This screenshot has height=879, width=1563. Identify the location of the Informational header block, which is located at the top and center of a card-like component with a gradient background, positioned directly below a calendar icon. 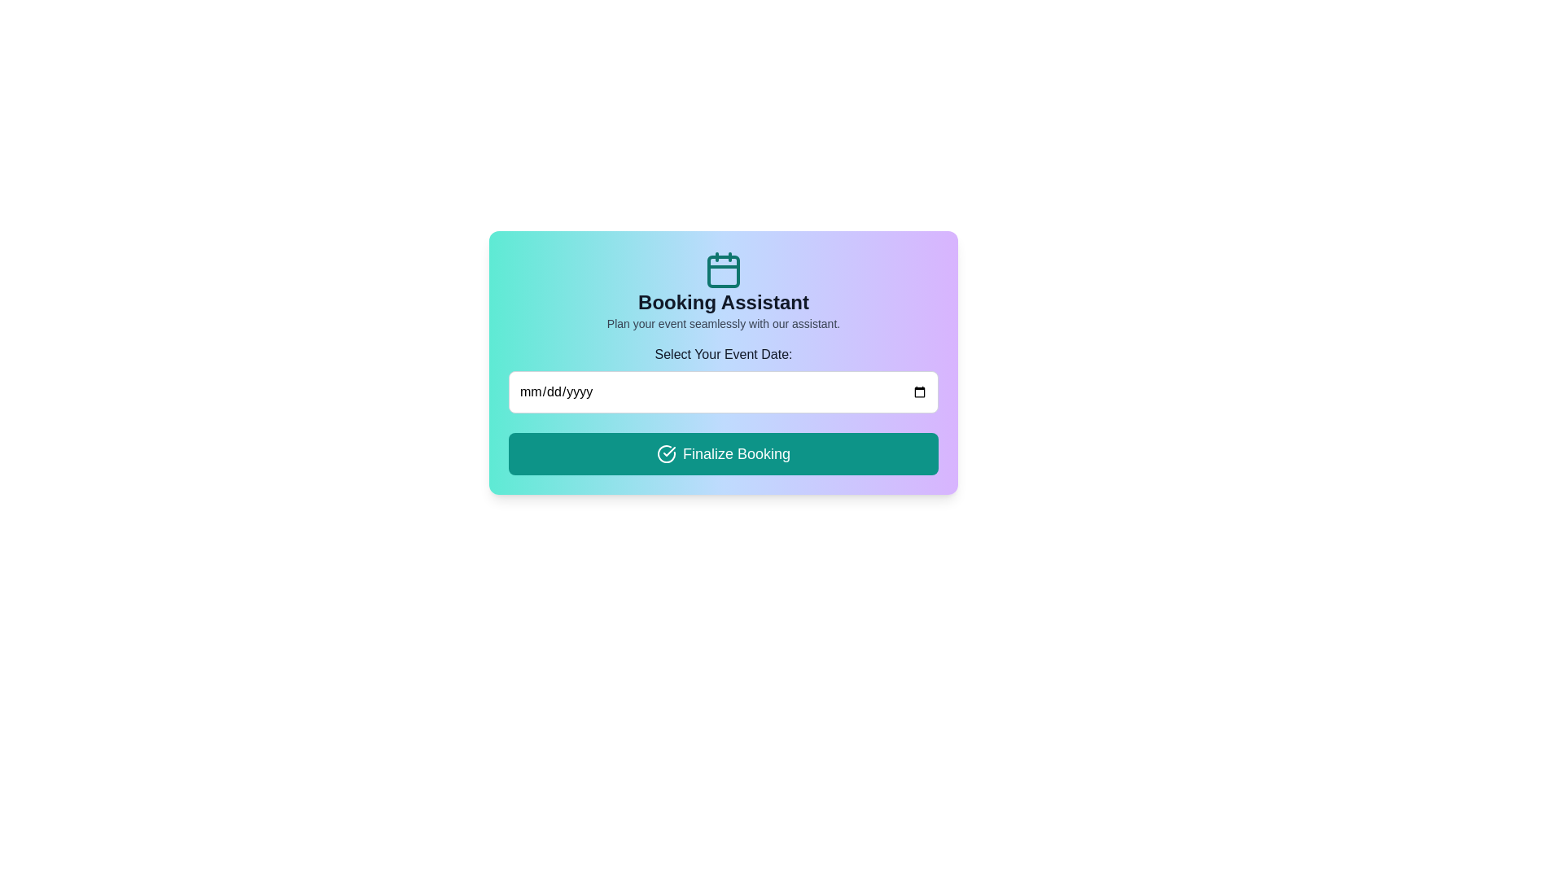
(722, 291).